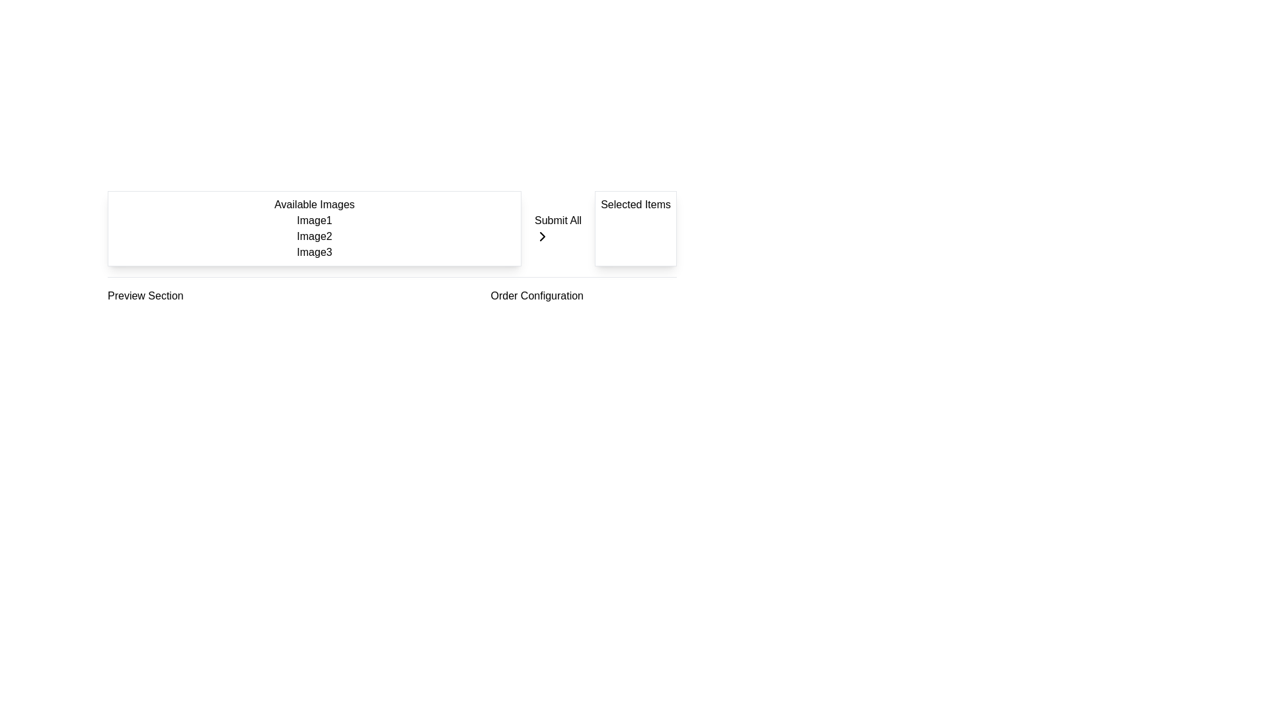  What do you see at coordinates (558, 228) in the screenshot?
I see `the 'Submit All' button to move all selected images to the saved list` at bounding box center [558, 228].